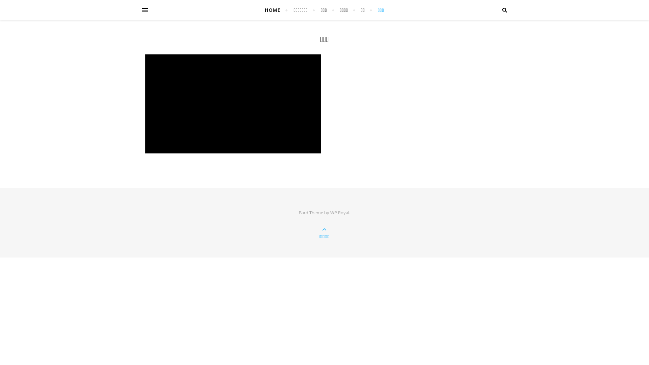 The width and height of the screenshot is (649, 365). Describe the element at coordinates (339, 212) in the screenshot. I see `'WP Royal'` at that location.